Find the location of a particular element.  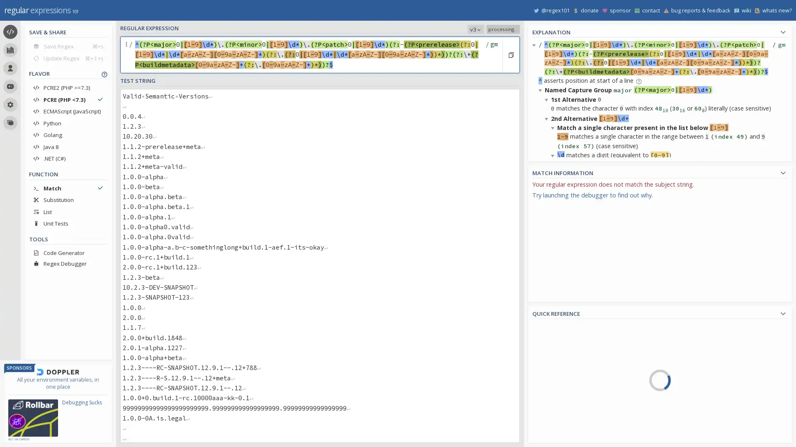

A character in the range: a-z [a-z] is located at coordinates (701, 351).